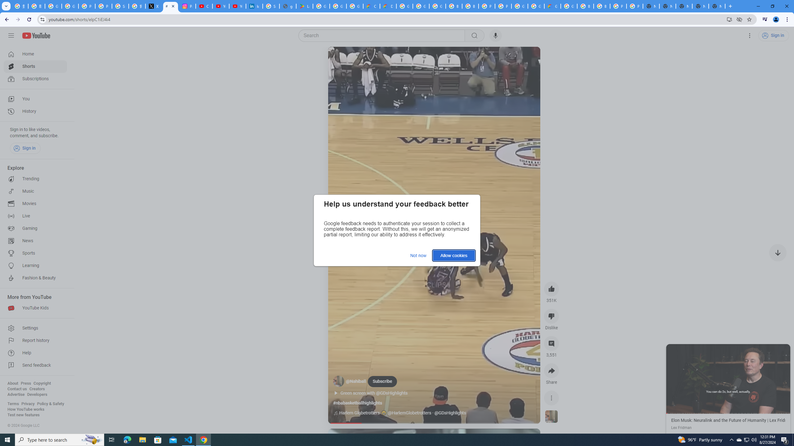  I want to click on 'Trending', so click(35, 179).